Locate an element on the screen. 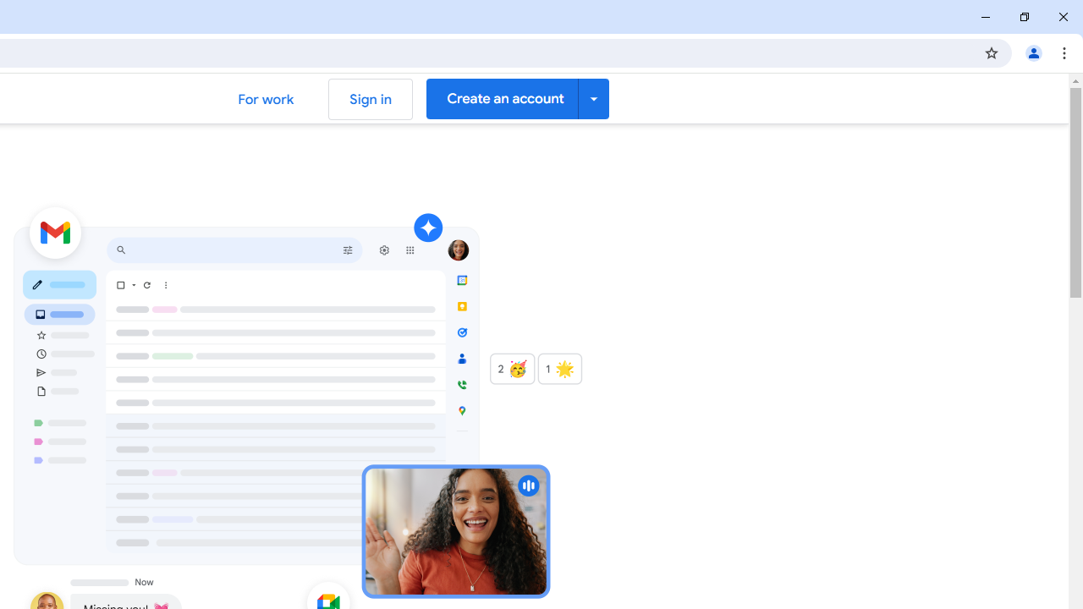 This screenshot has width=1083, height=609. 'Create an account' is located at coordinates (516, 98).